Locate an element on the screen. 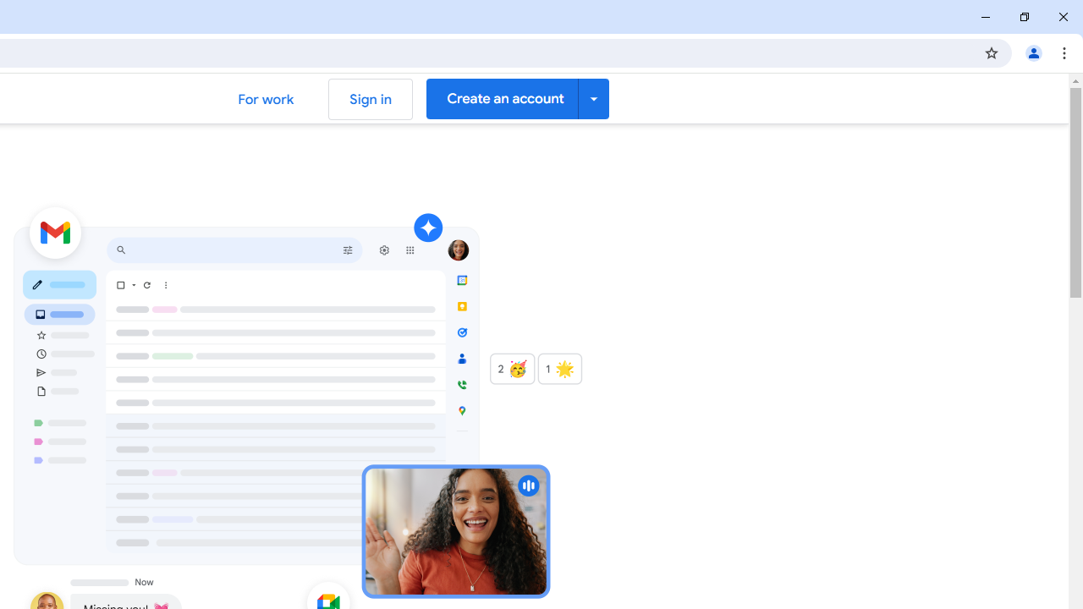 This screenshot has width=1083, height=609. 'Create an account' is located at coordinates (516, 98).